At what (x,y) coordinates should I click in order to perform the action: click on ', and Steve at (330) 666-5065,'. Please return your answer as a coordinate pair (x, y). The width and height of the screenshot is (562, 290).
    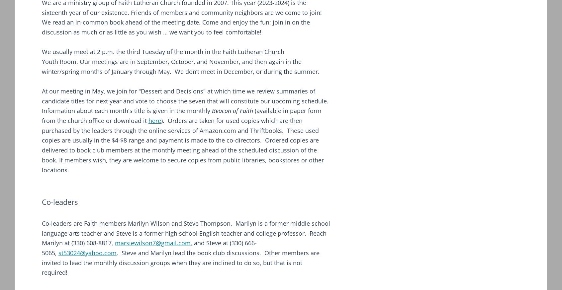
    Looking at the image, I should click on (149, 248).